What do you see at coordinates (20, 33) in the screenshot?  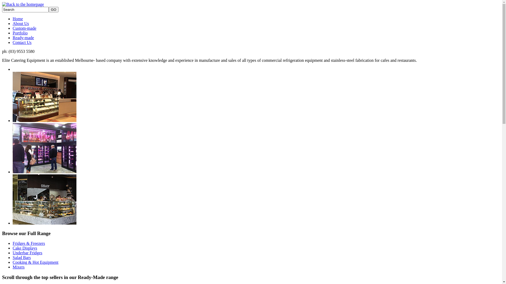 I see `'Portfolio'` at bounding box center [20, 33].